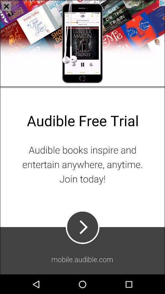 Image resolution: width=165 pixels, height=294 pixels. Describe the element at coordinates (6, 6) in the screenshot. I see `the close icon` at that location.